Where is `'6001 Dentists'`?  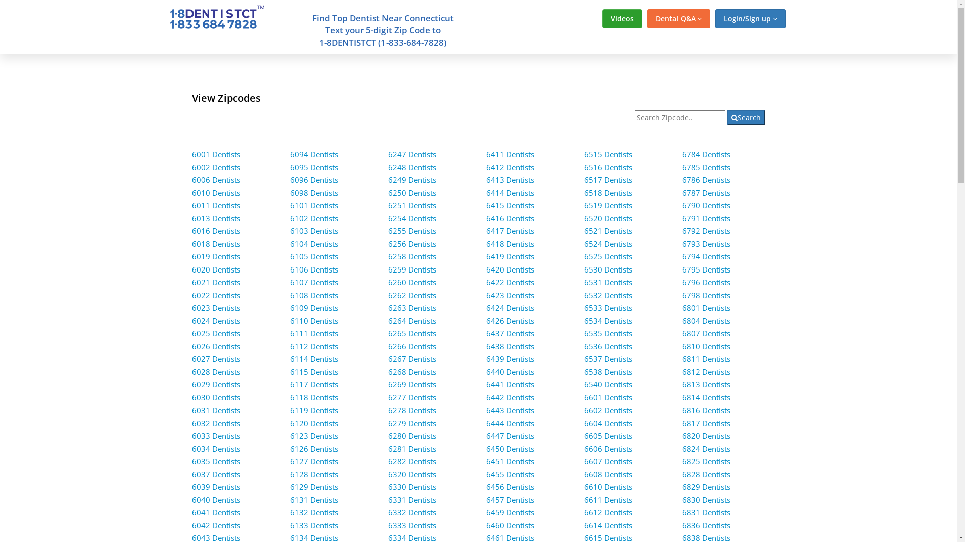
'6001 Dentists' is located at coordinates (216, 154).